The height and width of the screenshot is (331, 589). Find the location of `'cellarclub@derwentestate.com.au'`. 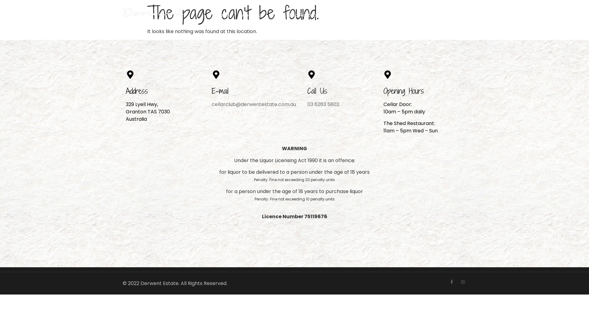

'cellarclub@derwentestate.com.au' is located at coordinates (254, 104).